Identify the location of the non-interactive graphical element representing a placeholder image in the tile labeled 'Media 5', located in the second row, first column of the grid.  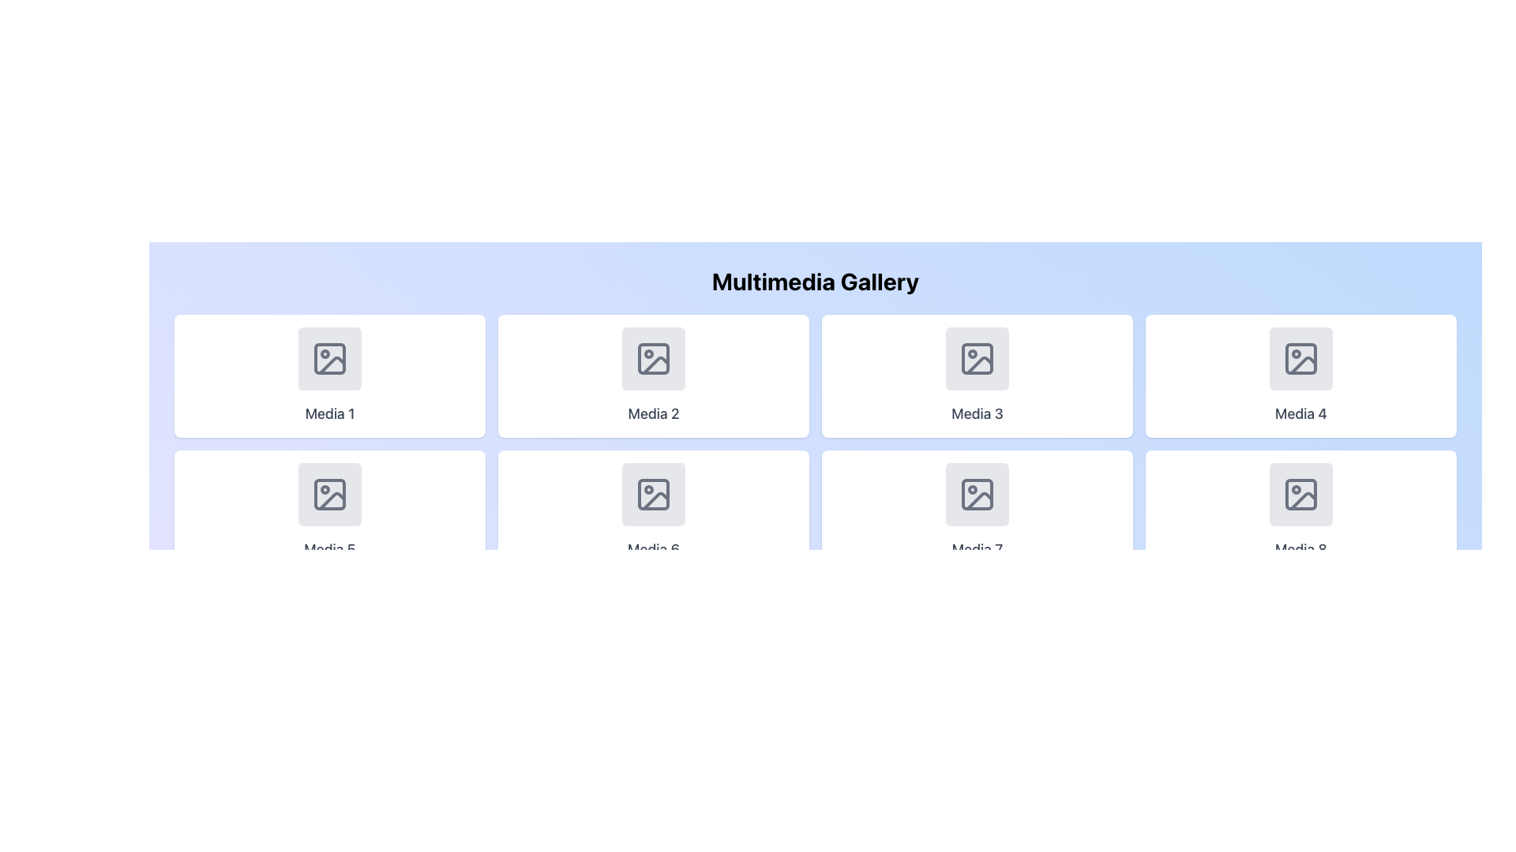
(328, 494).